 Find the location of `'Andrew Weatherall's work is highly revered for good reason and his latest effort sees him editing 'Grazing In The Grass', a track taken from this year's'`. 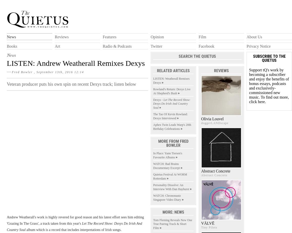

'Andrew Weatherall's work is highly revered for good reason and his latest effort sees him editing 'Grazing In The Grass', a track taken from this year's' is located at coordinates (75, 220).